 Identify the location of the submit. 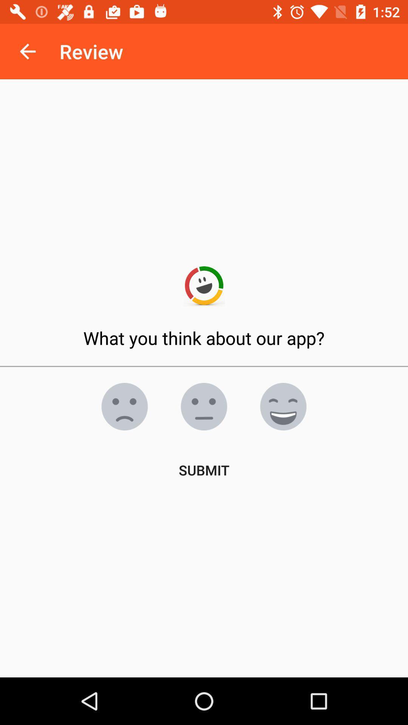
(204, 469).